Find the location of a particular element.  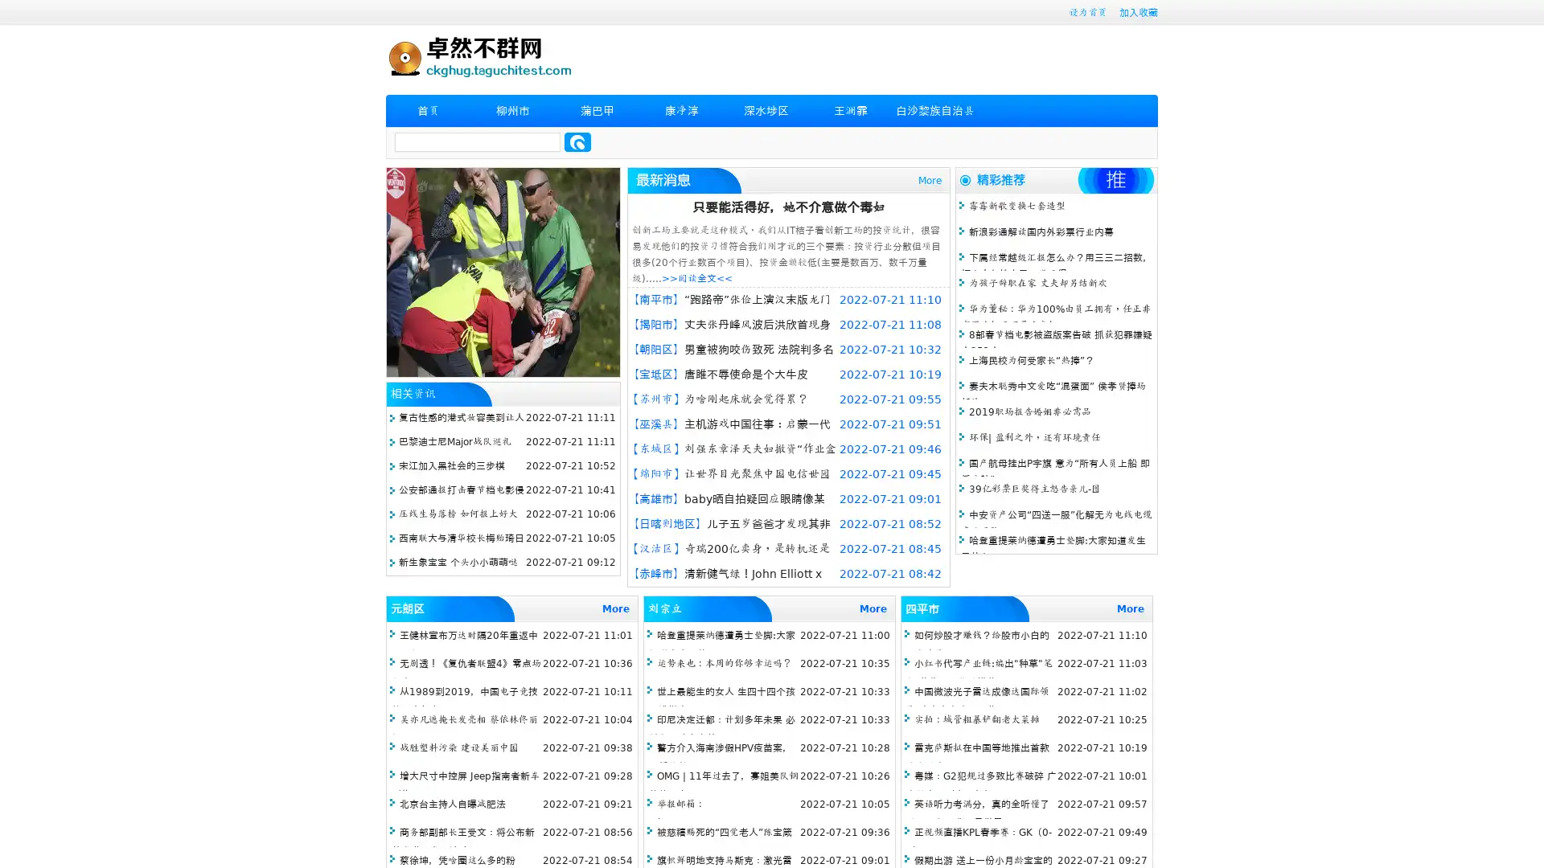

Search is located at coordinates (577, 141).